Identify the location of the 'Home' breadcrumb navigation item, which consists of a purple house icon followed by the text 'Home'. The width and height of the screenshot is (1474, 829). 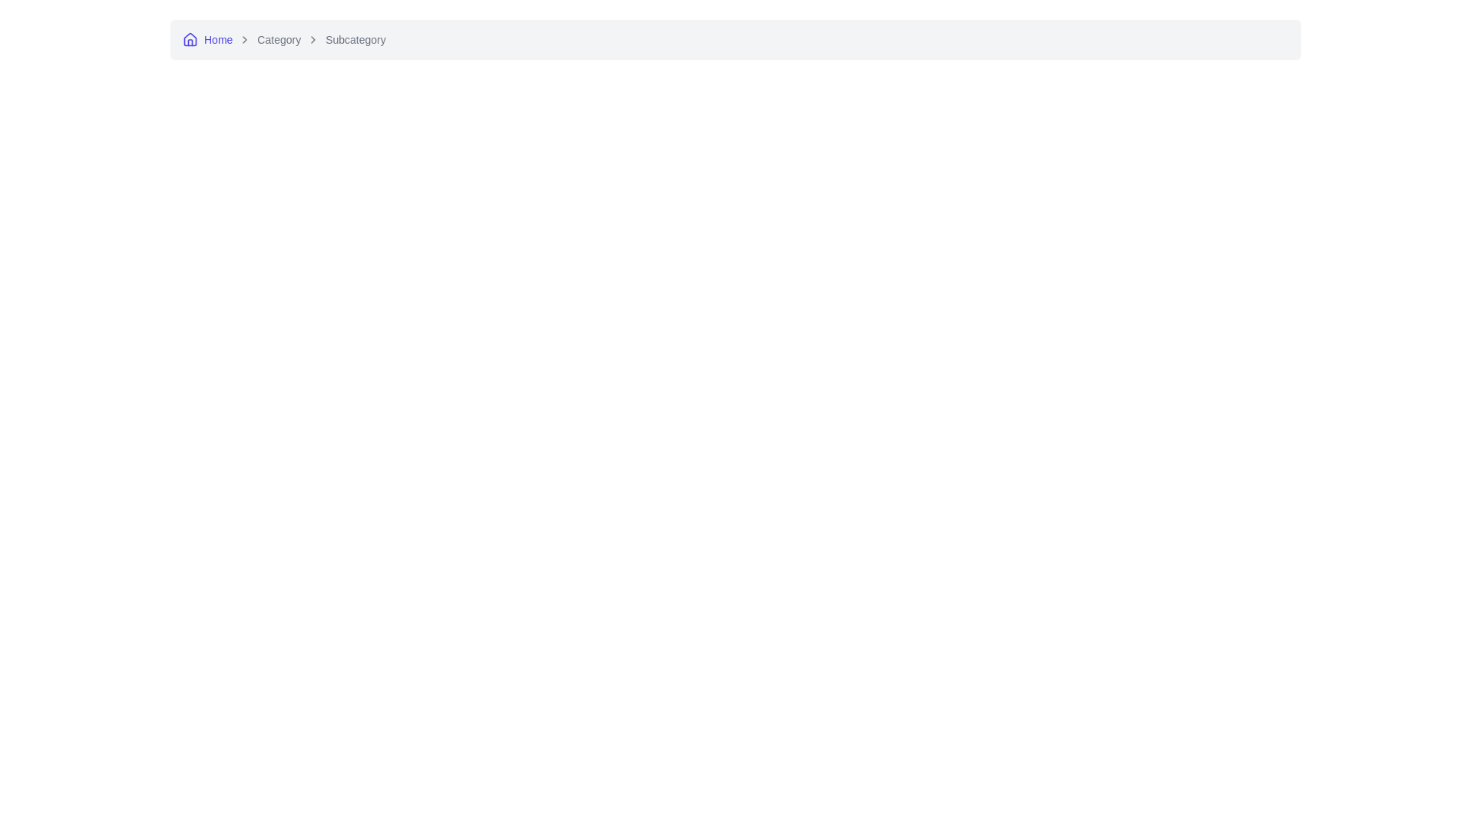
(207, 38).